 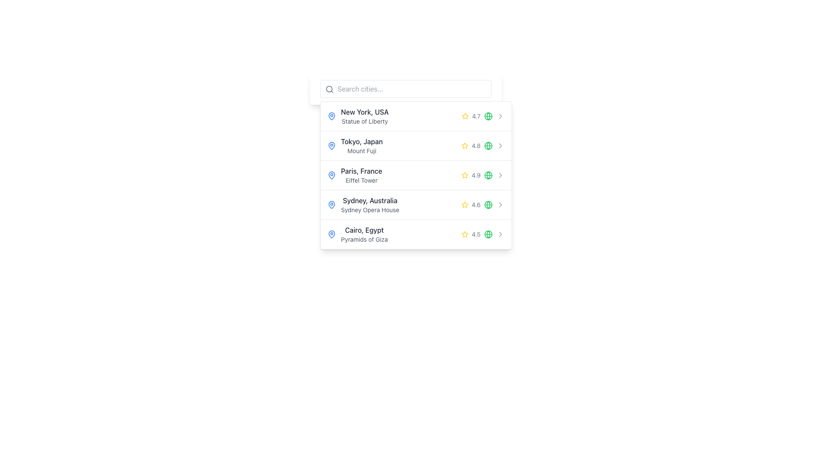 I want to click on the magnifying glass icon located at the left end of the search input box, so click(x=329, y=89).